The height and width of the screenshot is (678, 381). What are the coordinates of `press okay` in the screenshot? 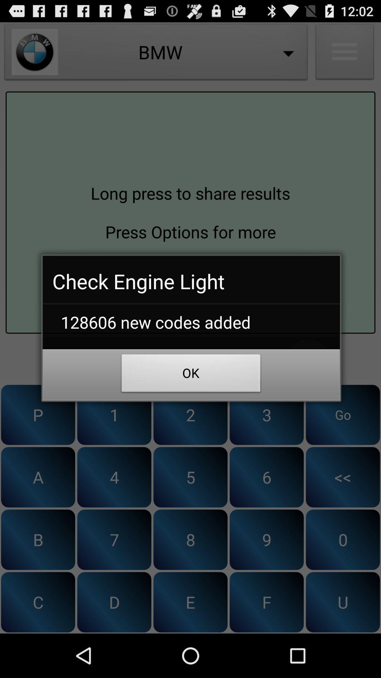 It's located at (190, 361).